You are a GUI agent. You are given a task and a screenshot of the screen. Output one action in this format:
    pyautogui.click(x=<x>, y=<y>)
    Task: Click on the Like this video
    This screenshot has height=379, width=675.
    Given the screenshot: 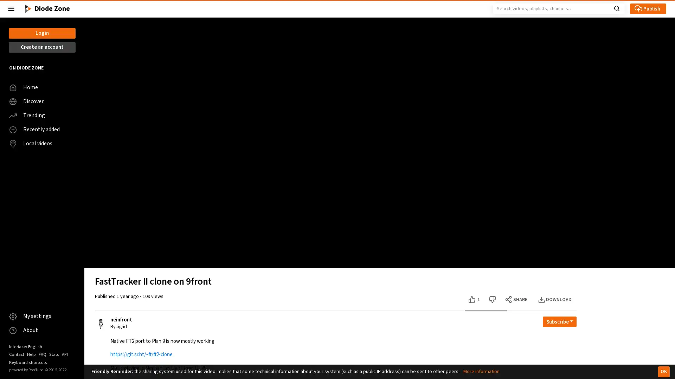 What is the action you would take?
    pyautogui.click(x=475, y=299)
    